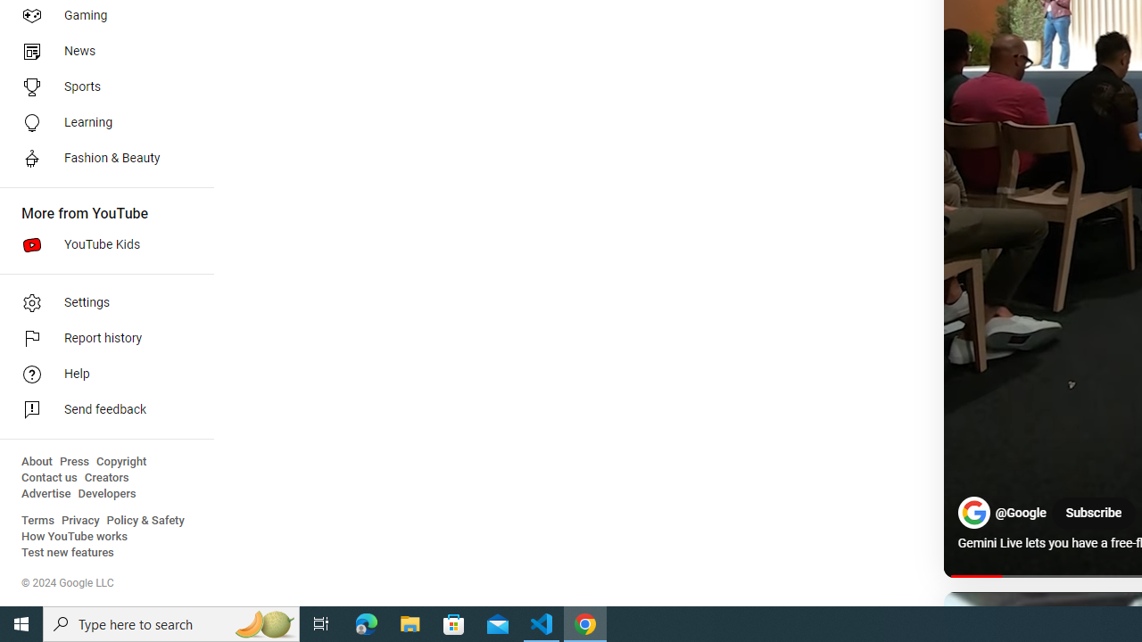 The height and width of the screenshot is (642, 1142). What do you see at coordinates (100, 86) in the screenshot?
I see `'Sports'` at bounding box center [100, 86].